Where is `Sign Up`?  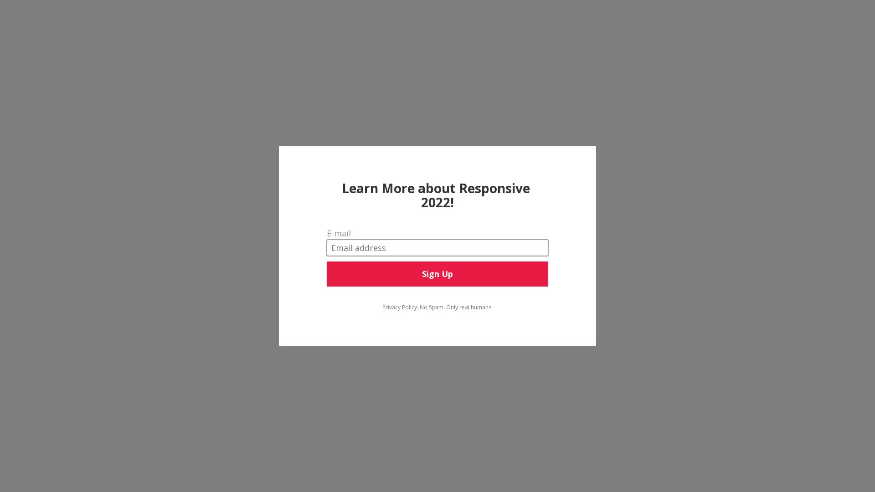 Sign Up is located at coordinates (437, 273).